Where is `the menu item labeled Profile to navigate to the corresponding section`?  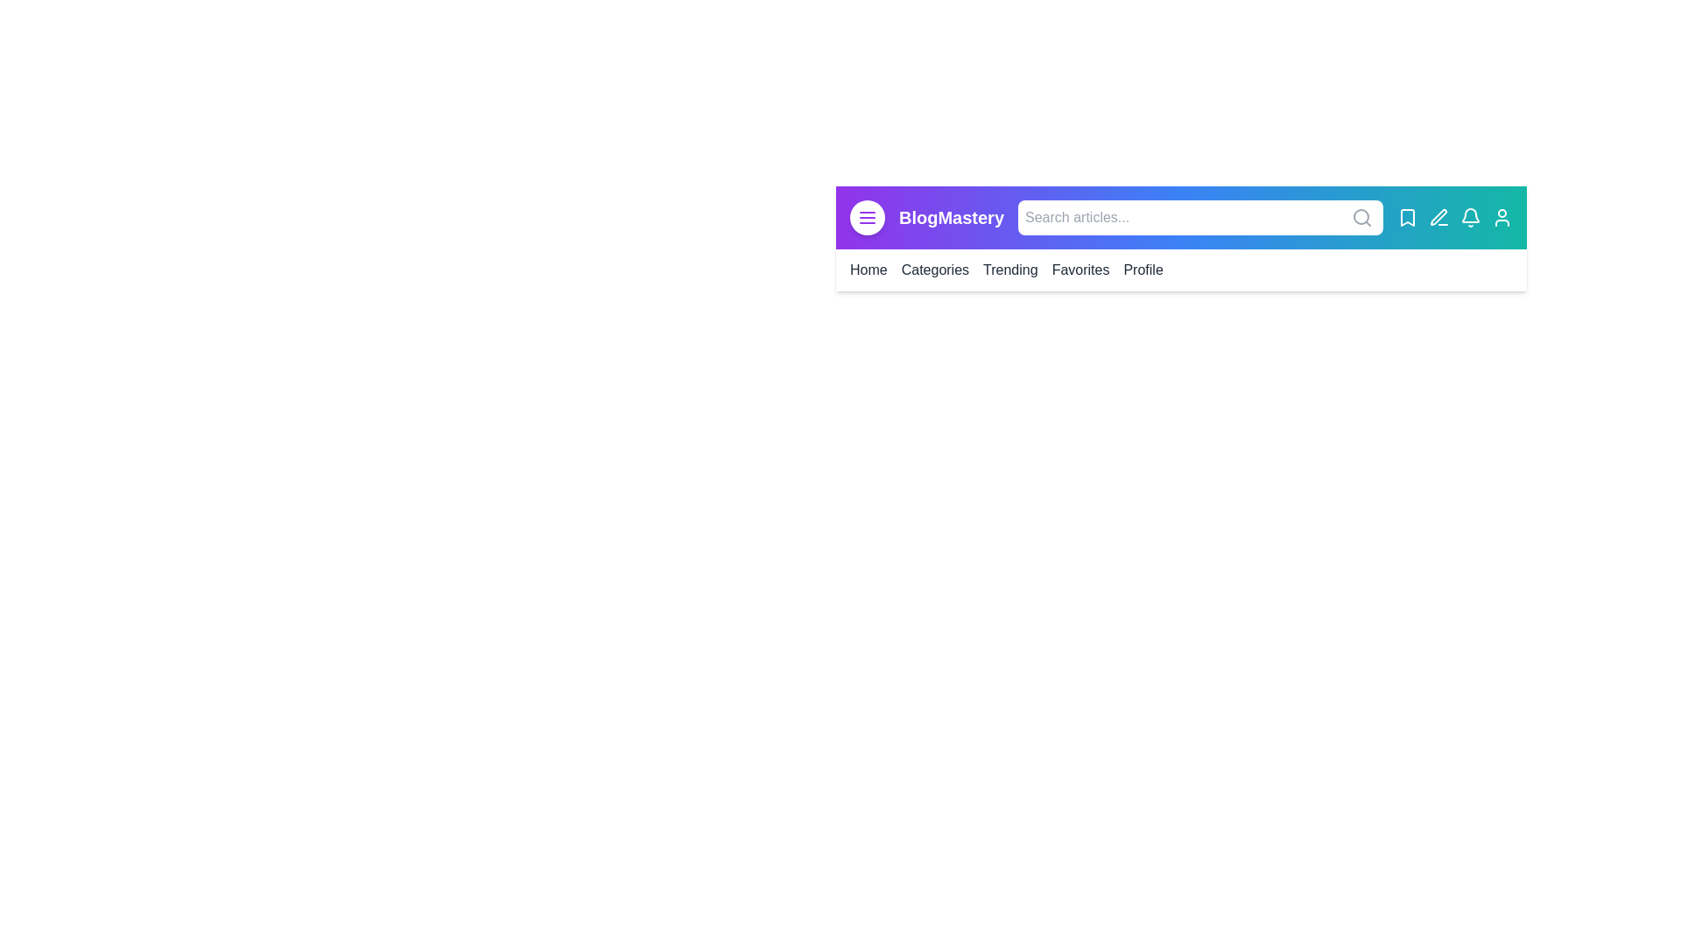 the menu item labeled Profile to navigate to the corresponding section is located at coordinates (1143, 269).